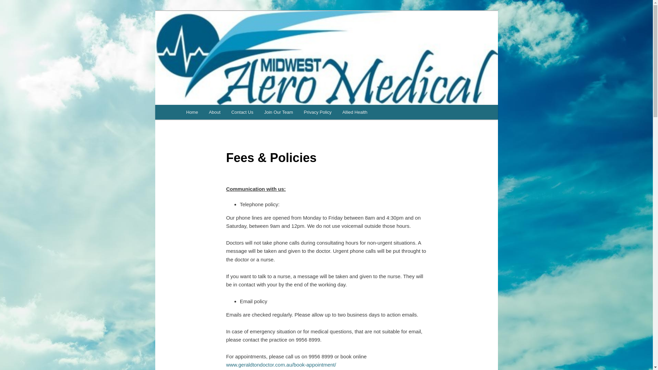  What do you see at coordinates (214, 112) in the screenshot?
I see `'About'` at bounding box center [214, 112].